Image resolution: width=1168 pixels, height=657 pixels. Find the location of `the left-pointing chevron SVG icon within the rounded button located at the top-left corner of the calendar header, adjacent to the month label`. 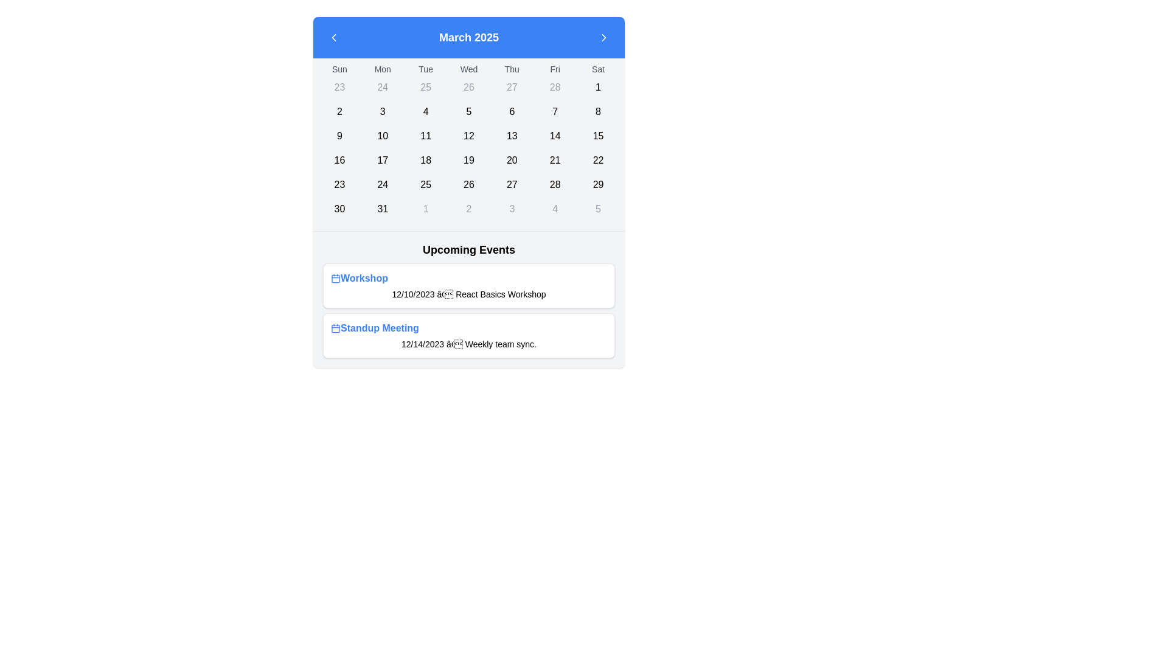

the left-pointing chevron SVG icon within the rounded button located at the top-left corner of the calendar header, adjacent to the month label is located at coordinates (333, 36).